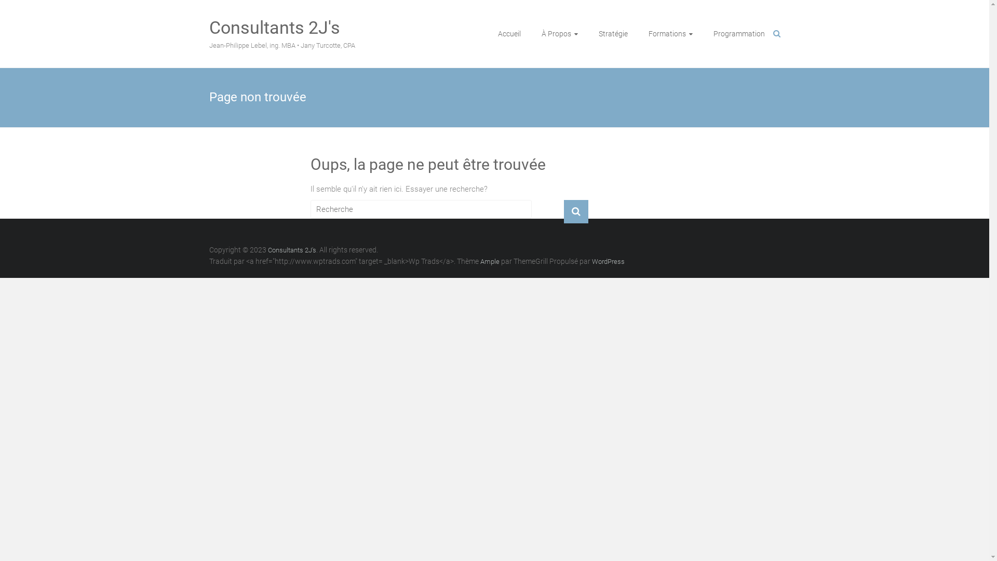  What do you see at coordinates (738, 33) in the screenshot?
I see `'Programmation'` at bounding box center [738, 33].